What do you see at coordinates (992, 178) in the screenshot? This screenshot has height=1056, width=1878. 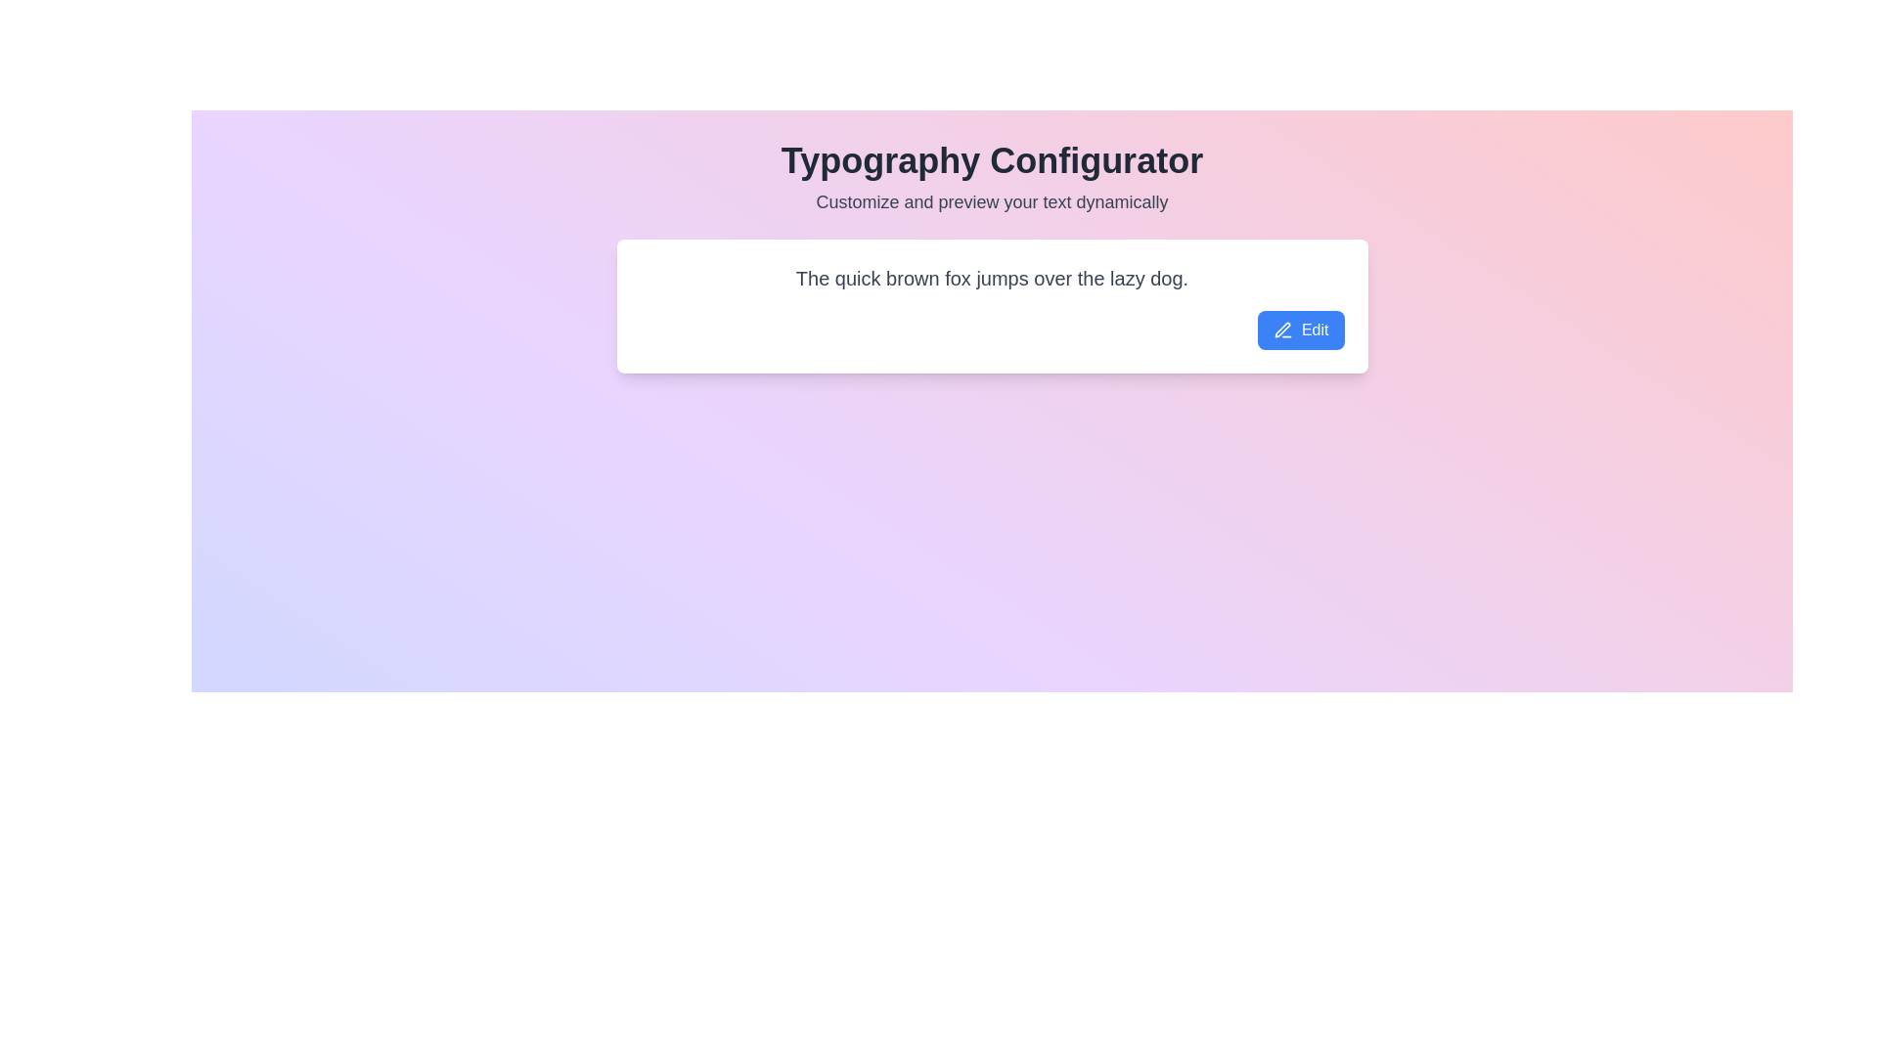 I see `the header element displaying 'Typography Configurator' and its description 'Customize and preview your text dynamically.'` at bounding box center [992, 178].